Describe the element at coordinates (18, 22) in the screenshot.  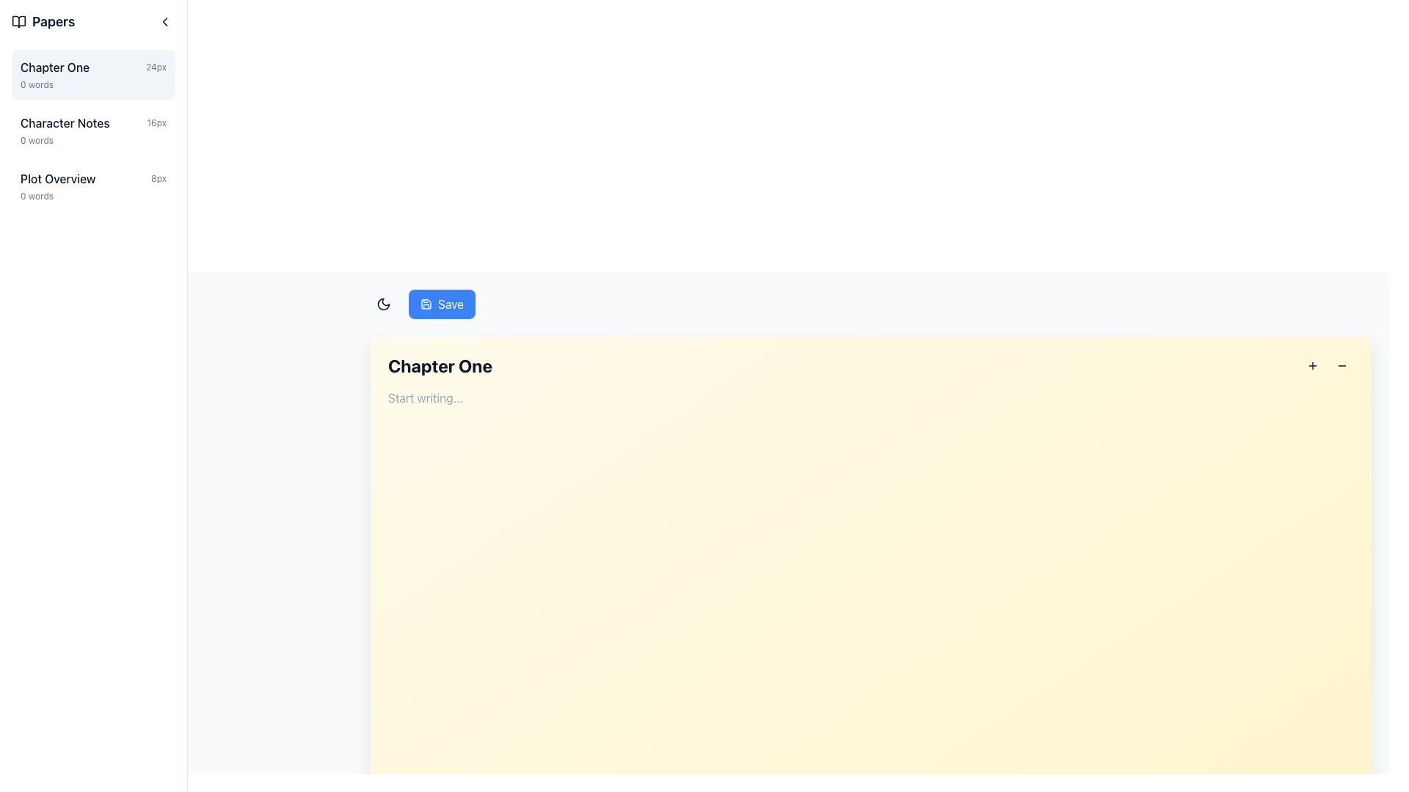
I see `the small open book icon located at the top-left corner of the user interface, next to the 'Papers' label` at that location.